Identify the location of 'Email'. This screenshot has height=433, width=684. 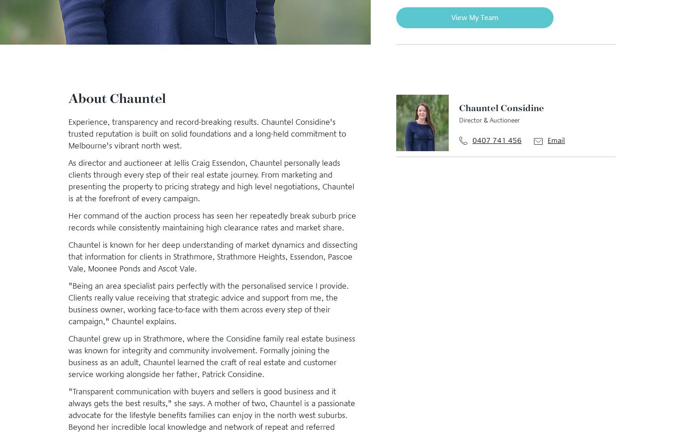
(555, 140).